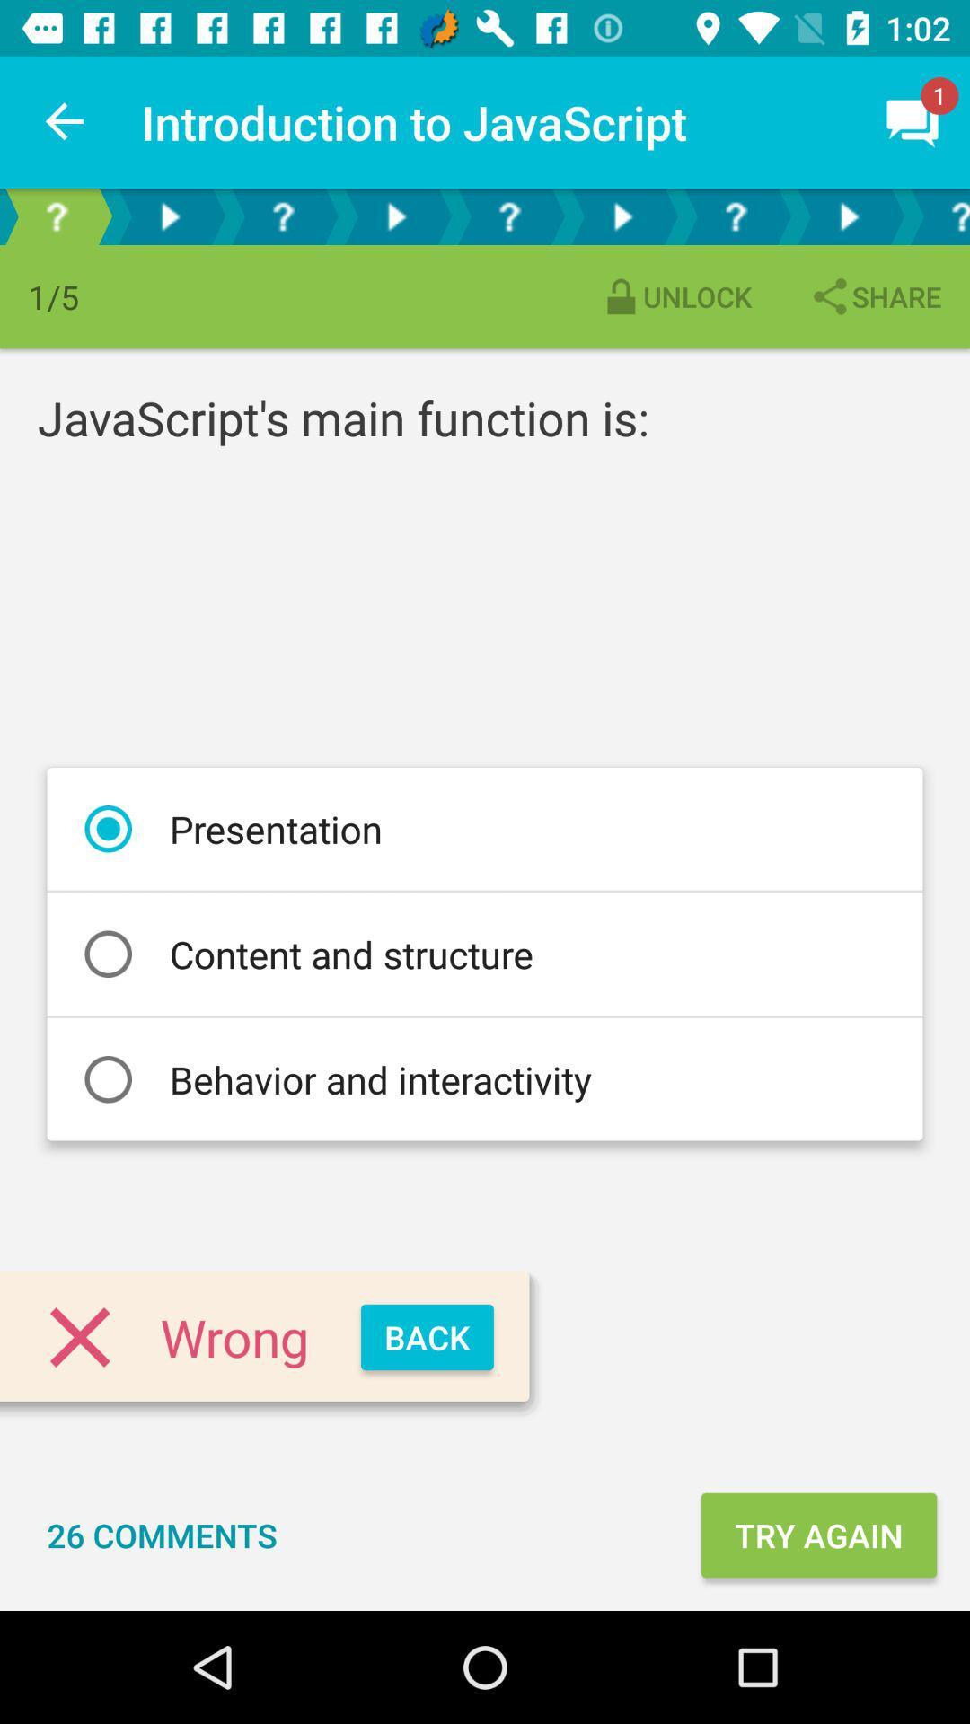  What do you see at coordinates (162, 1534) in the screenshot?
I see `icon next to the try again icon` at bounding box center [162, 1534].